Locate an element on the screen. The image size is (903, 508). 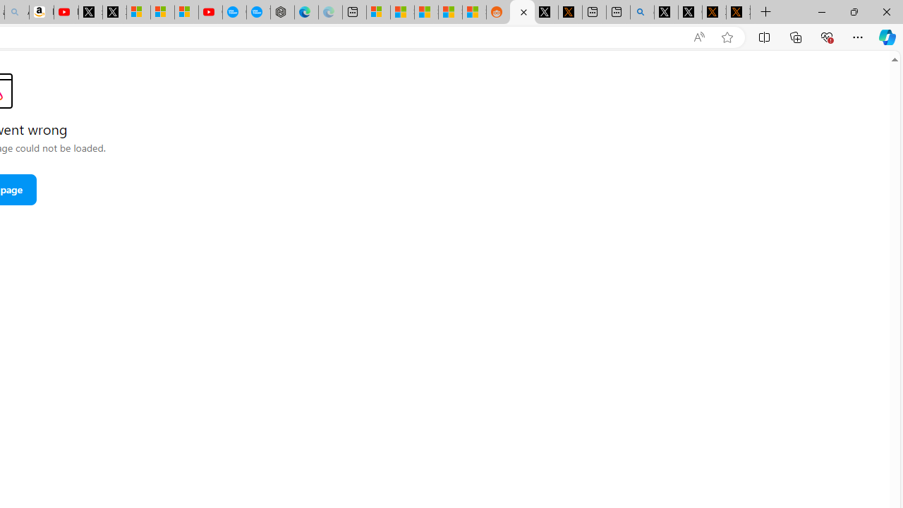
'help.x.com | 524: A timeout occurred' is located at coordinates (570, 12).